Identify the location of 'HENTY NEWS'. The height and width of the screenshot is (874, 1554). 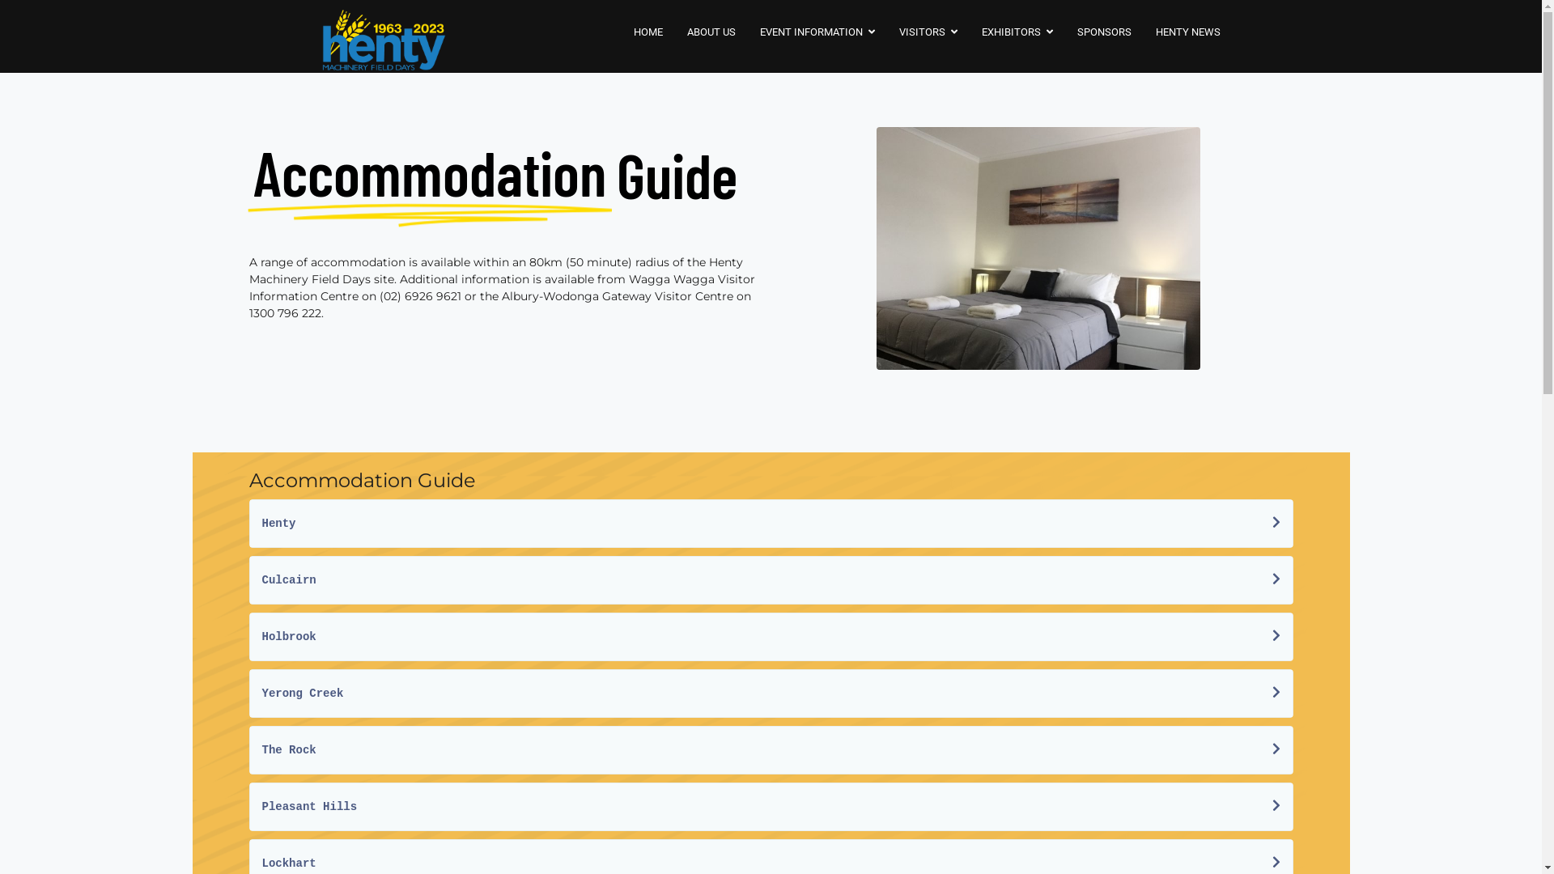
(1187, 32).